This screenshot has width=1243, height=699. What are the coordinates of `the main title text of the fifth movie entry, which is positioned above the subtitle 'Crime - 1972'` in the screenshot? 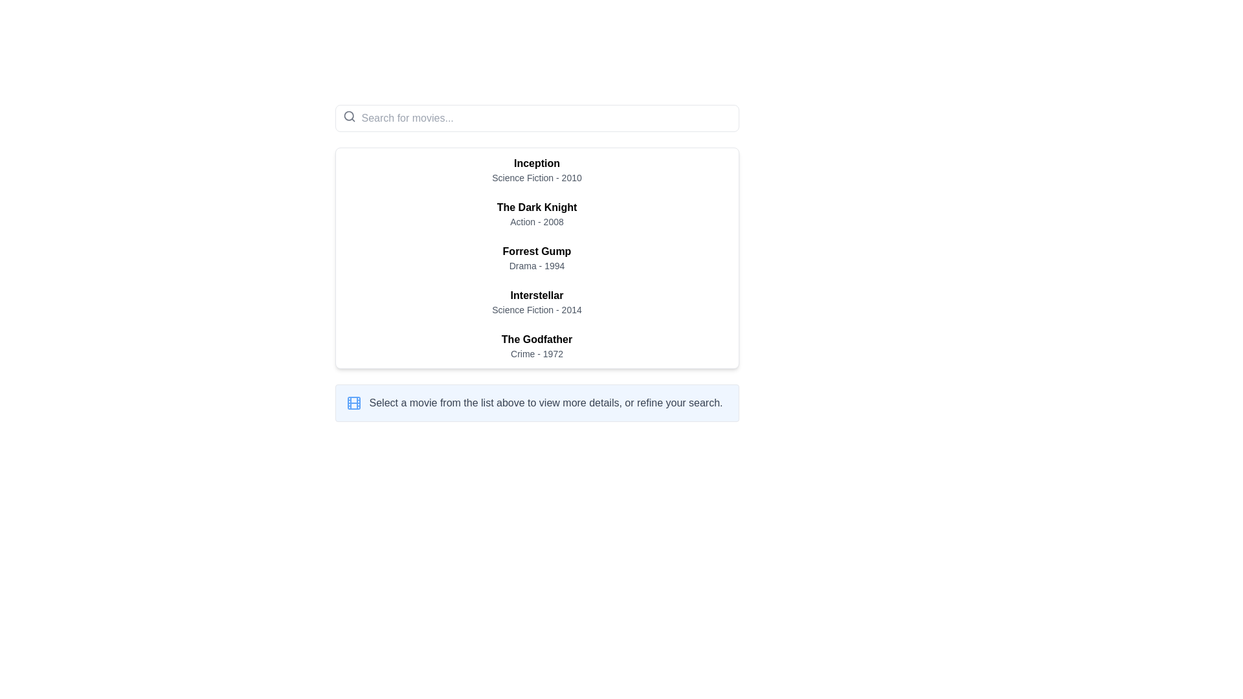 It's located at (537, 338).